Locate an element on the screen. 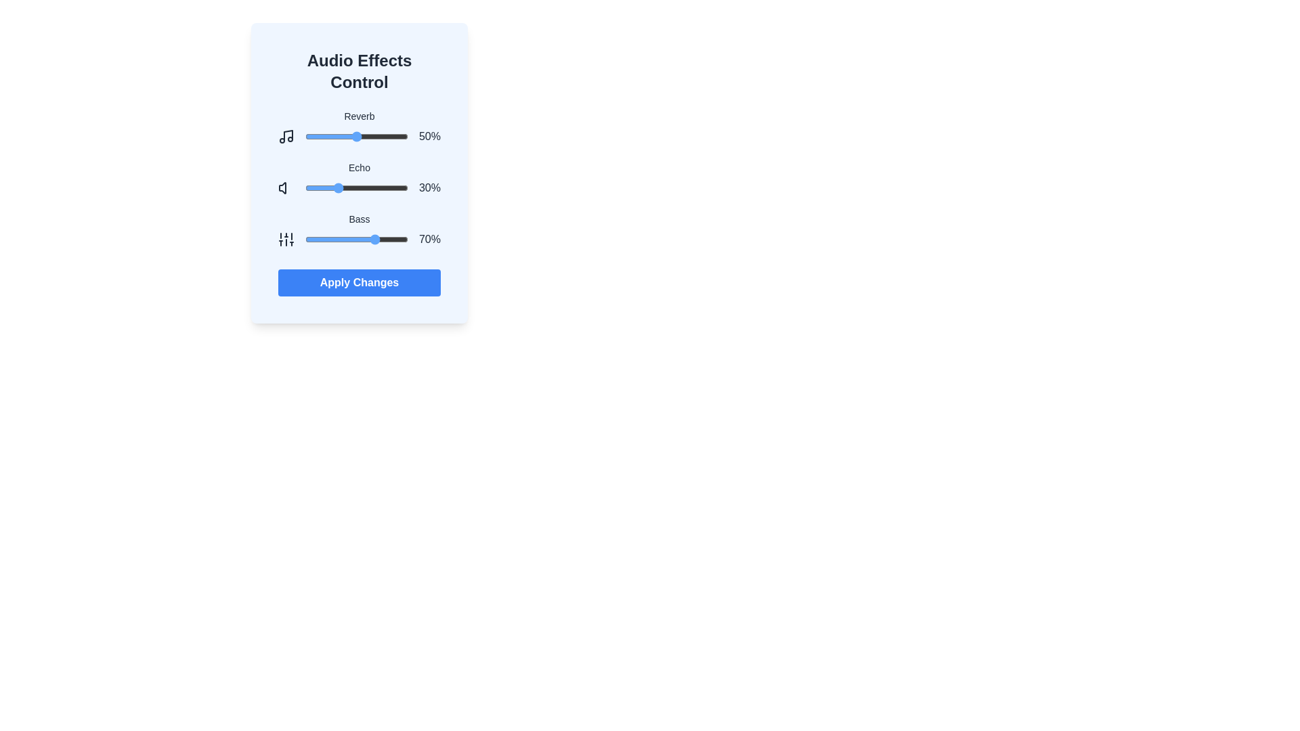 Image resolution: width=1300 pixels, height=731 pixels. the 'Echo' text label, which is styled in medium font weight and small size, located within the 'Audio Effects Control' card interface, positioned above a 30% progress slider is located at coordinates (360, 167).